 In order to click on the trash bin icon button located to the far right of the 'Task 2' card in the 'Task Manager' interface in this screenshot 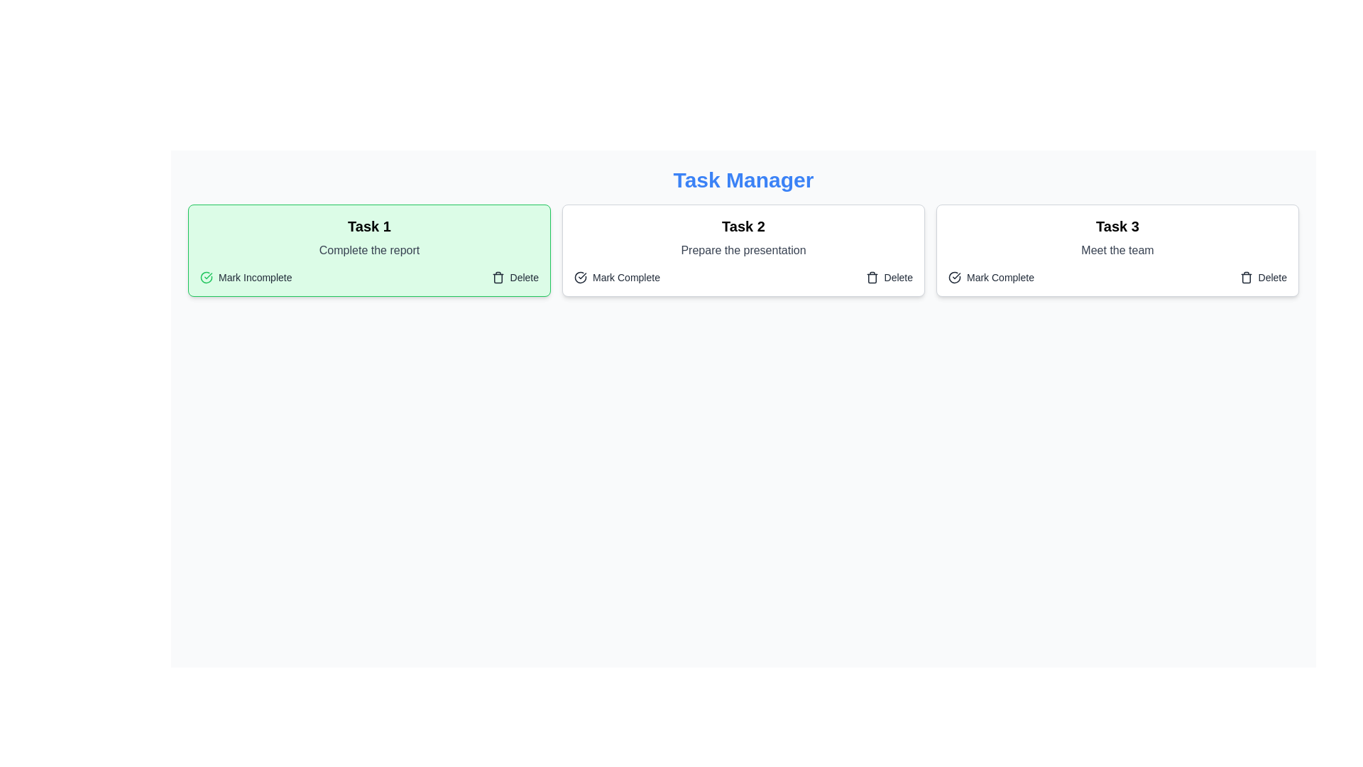, I will do `click(871, 277)`.